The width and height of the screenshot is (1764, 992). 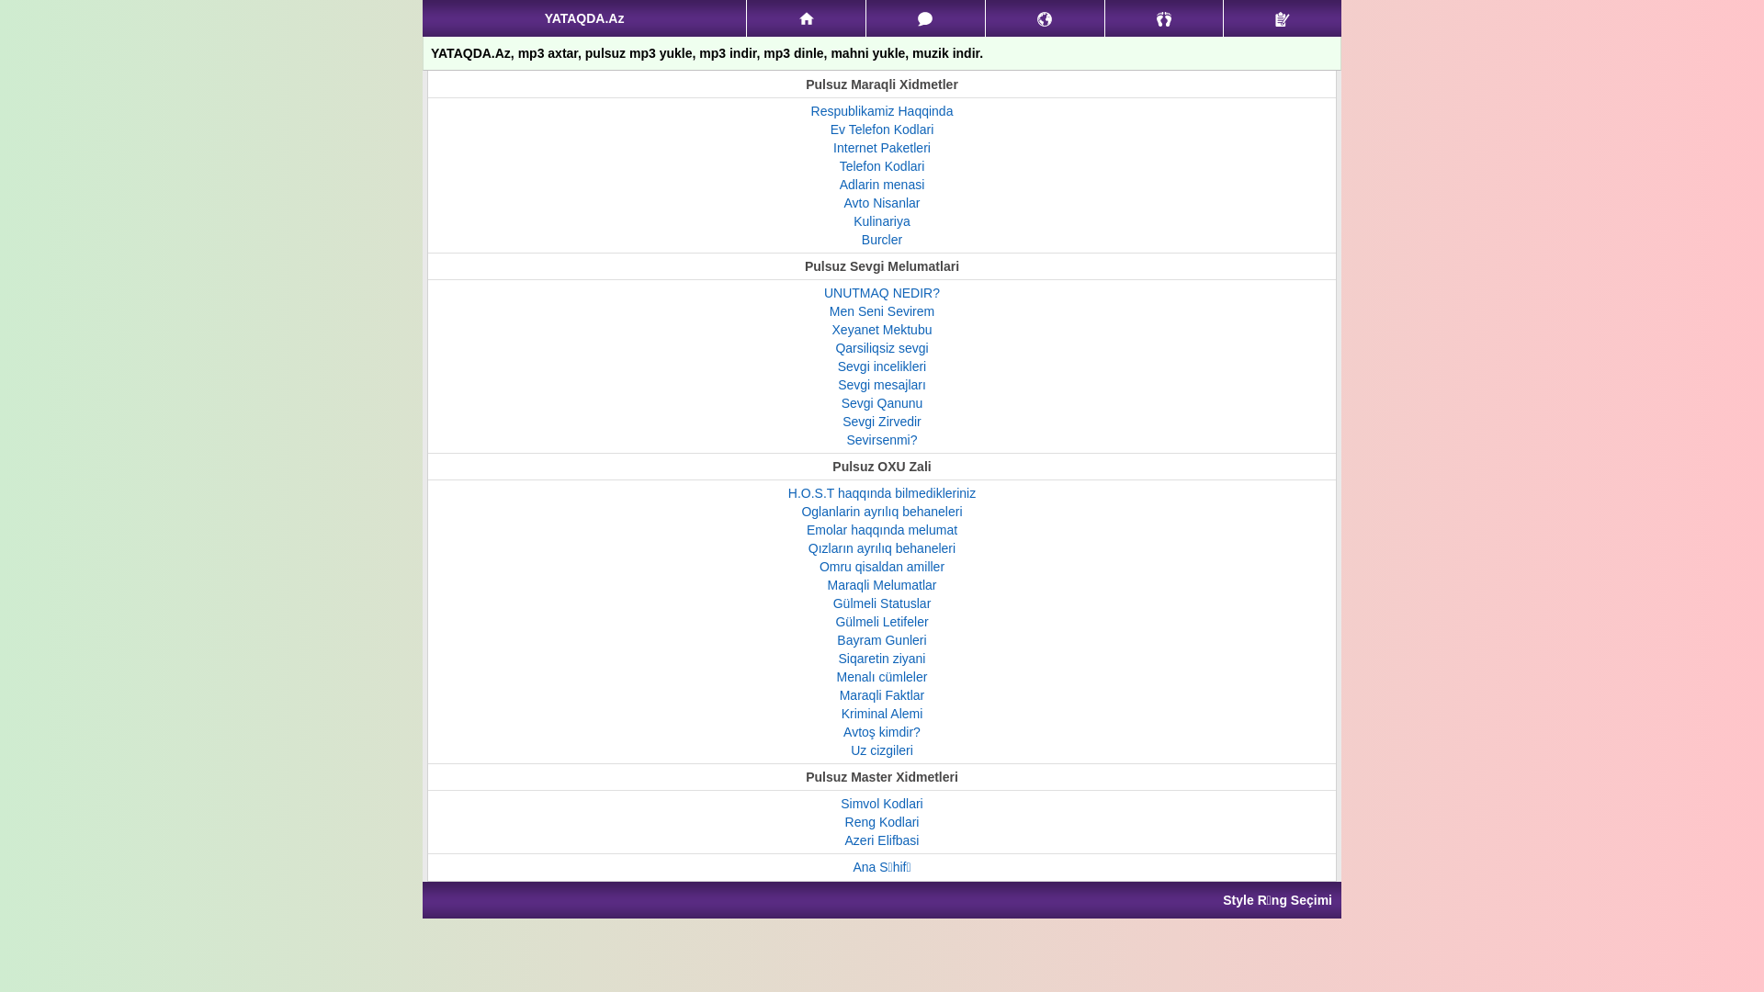 I want to click on 'Mesajlar', so click(x=925, y=17).